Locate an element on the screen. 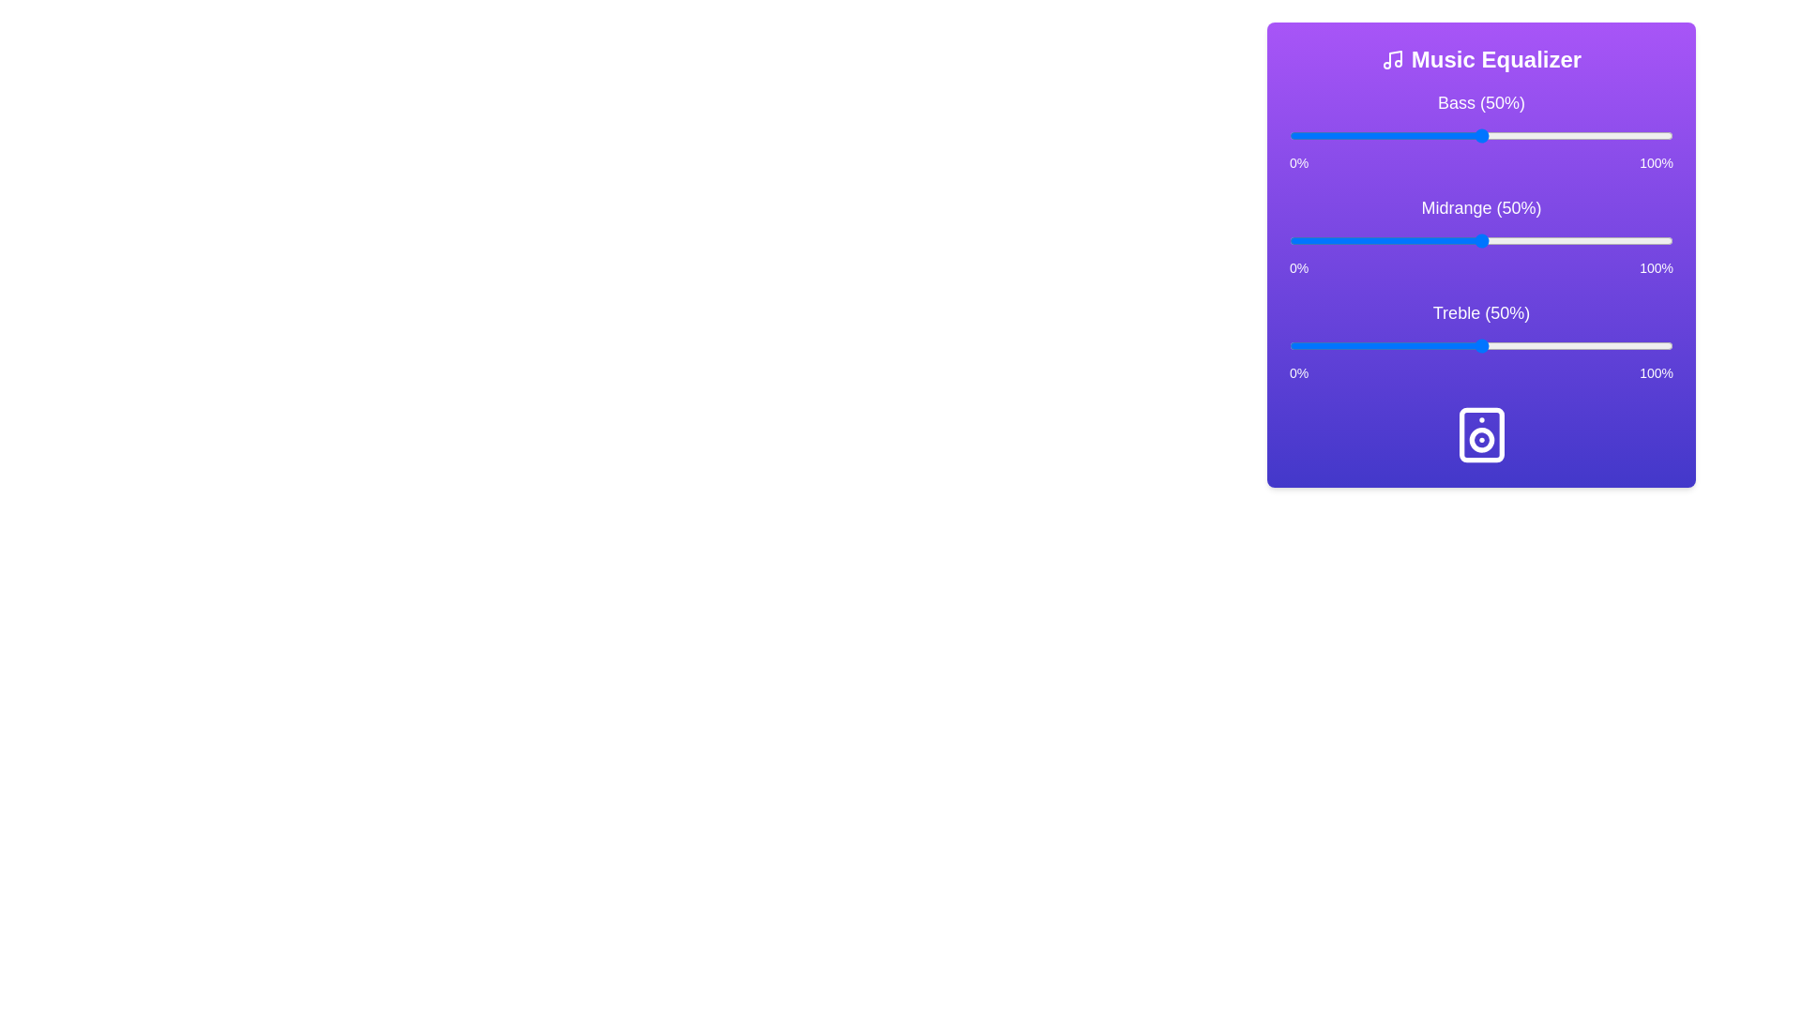  the treble slider to 46% is located at coordinates (1465, 346).